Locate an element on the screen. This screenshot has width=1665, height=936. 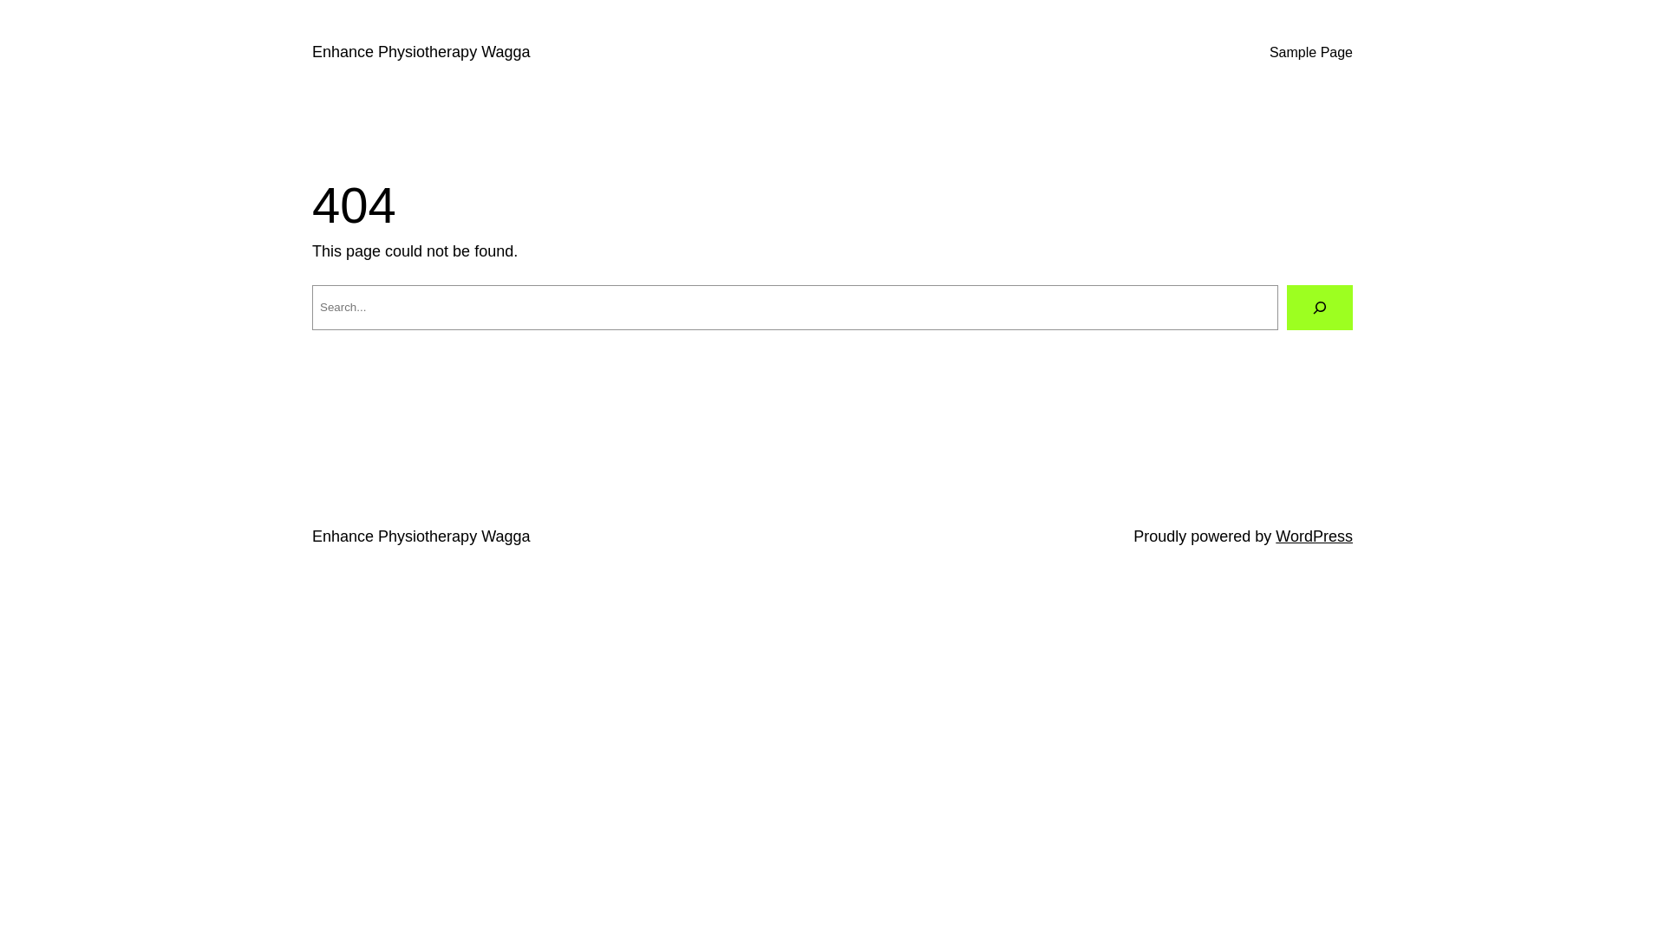
'Enhance Physiotherapy Wagga' is located at coordinates (312, 51).